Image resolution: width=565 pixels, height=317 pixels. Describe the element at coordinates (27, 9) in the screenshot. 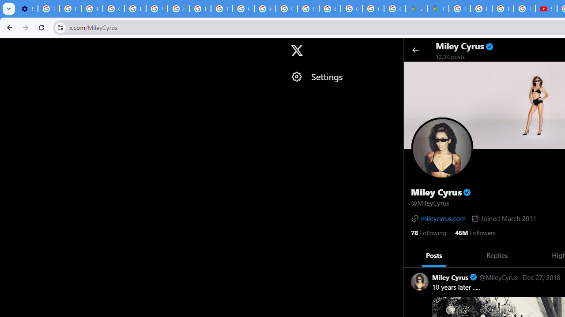

I see `'Settings - Customize profile'` at that location.